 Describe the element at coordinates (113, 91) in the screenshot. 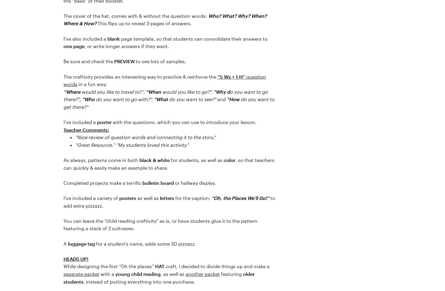

I see `'would you like to travel to?”,'` at that location.